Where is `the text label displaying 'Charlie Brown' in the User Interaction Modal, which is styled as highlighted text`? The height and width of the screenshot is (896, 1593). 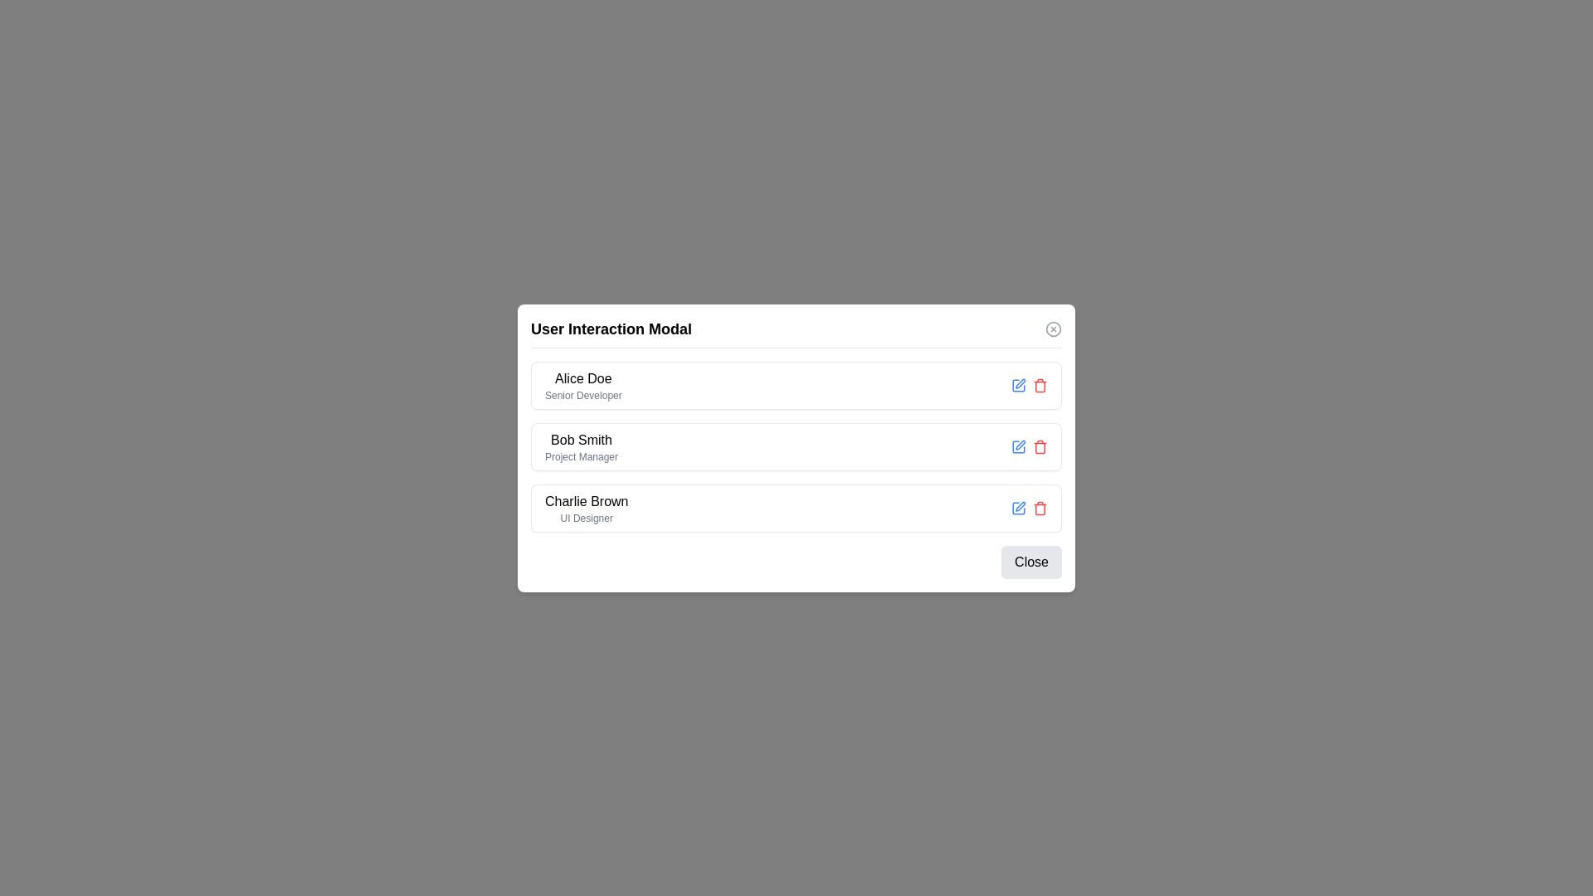 the text label displaying 'Charlie Brown' in the User Interaction Modal, which is styled as highlighted text is located at coordinates (587, 500).